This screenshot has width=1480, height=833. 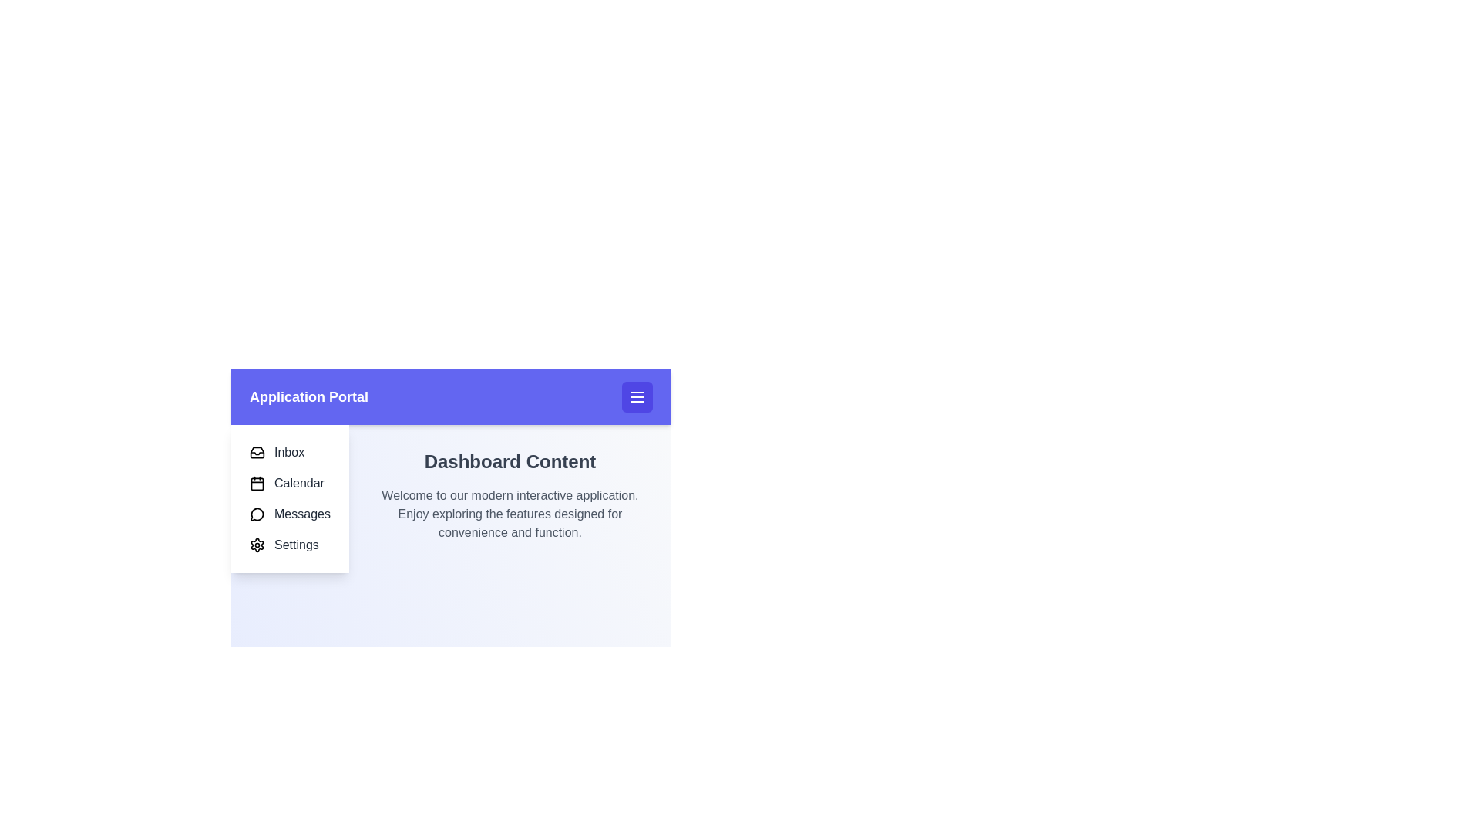 What do you see at coordinates (290, 483) in the screenshot?
I see `the 'Calendar' navigation menu item, which features a calendar icon and bold text` at bounding box center [290, 483].